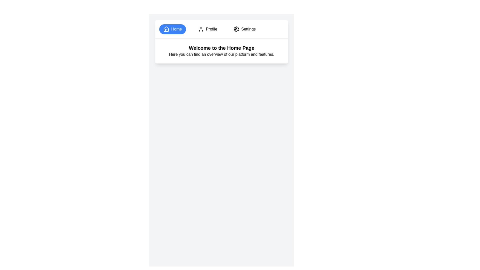 This screenshot has height=270, width=480. Describe the element at coordinates (176, 29) in the screenshot. I see `the 'Home' text label, which is styled with white text on a blue background and is part of a navigation bar` at that location.